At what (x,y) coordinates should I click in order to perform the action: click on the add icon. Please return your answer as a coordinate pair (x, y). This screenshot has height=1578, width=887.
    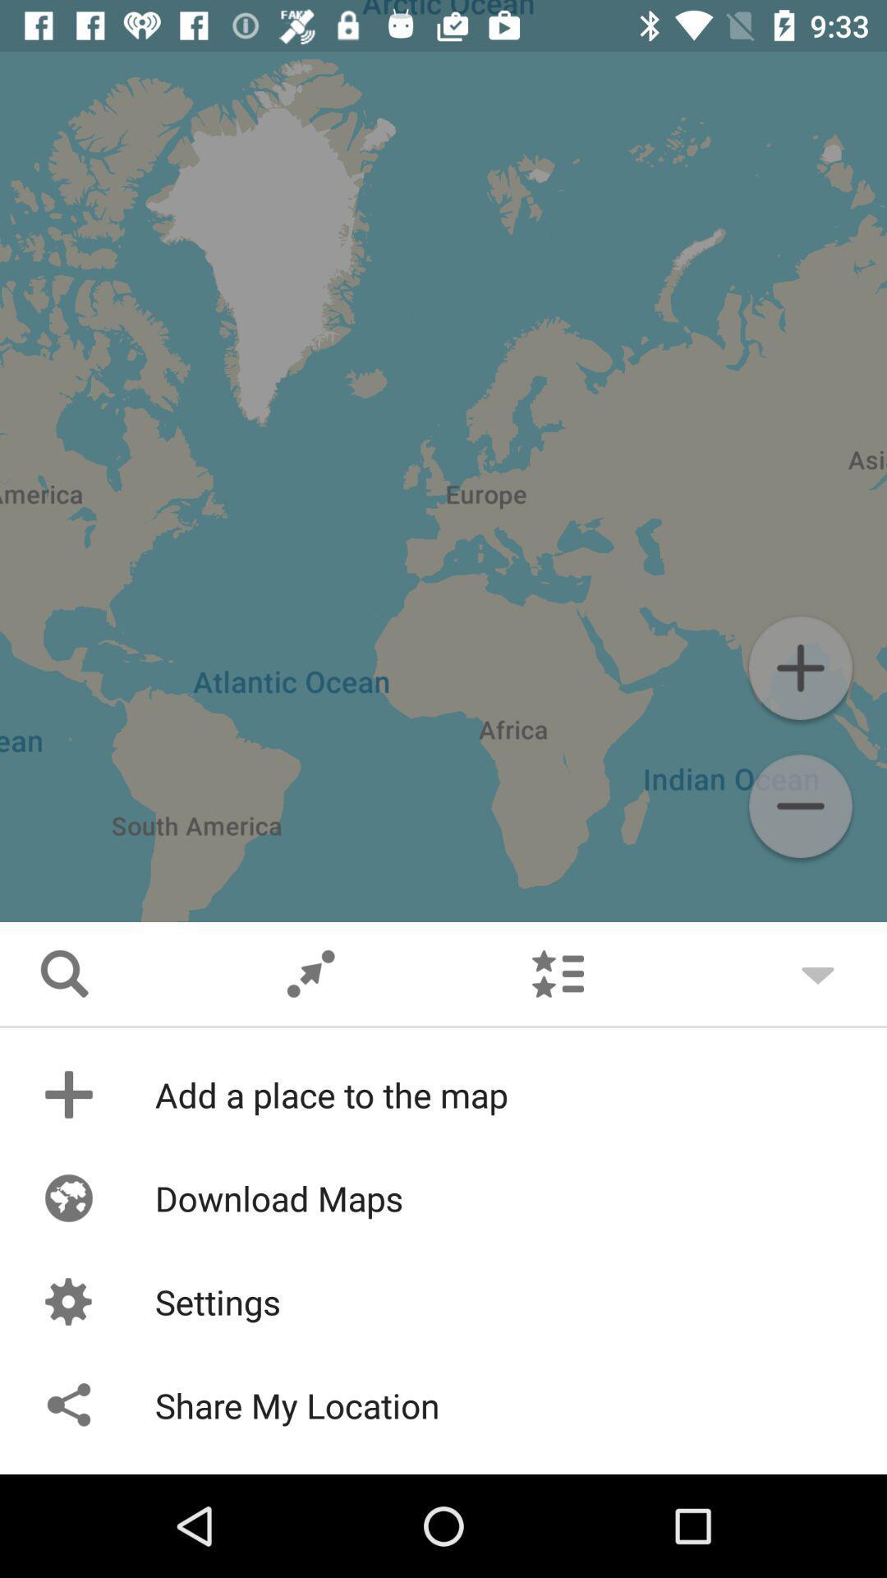
    Looking at the image, I should click on (800, 667).